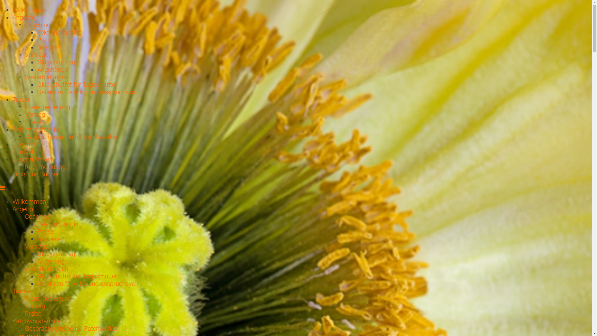 Image resolution: width=597 pixels, height=336 pixels. What do you see at coordinates (24, 209) in the screenshot?
I see `'Angebot'` at bounding box center [24, 209].